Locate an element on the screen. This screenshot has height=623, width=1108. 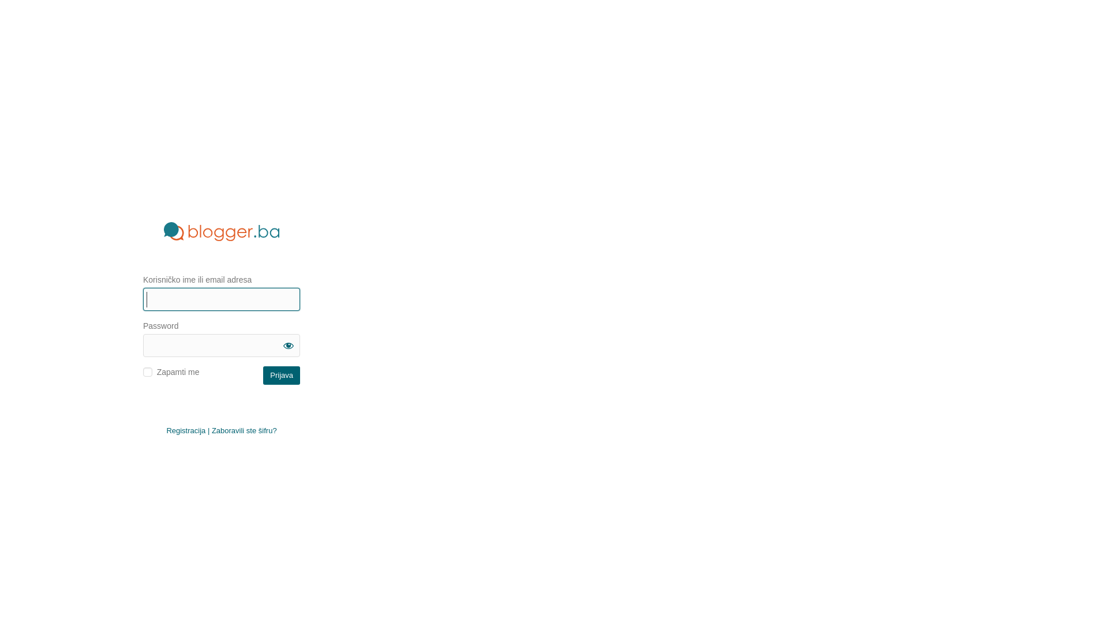
'Prijava' is located at coordinates (263, 376).